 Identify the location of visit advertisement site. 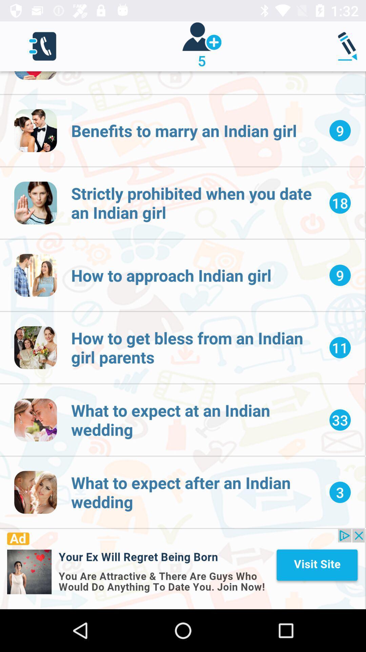
(182, 569).